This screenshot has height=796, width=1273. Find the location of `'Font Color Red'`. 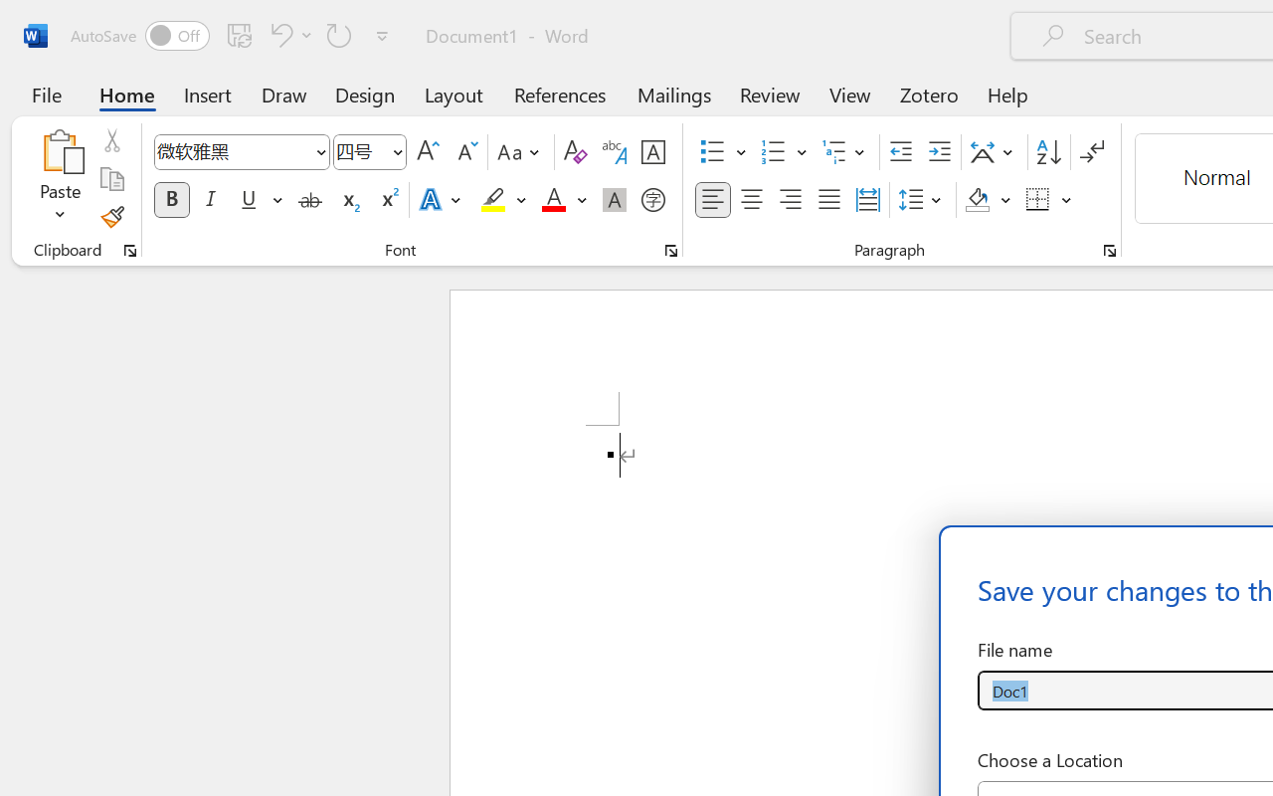

'Font Color Red' is located at coordinates (553, 200).